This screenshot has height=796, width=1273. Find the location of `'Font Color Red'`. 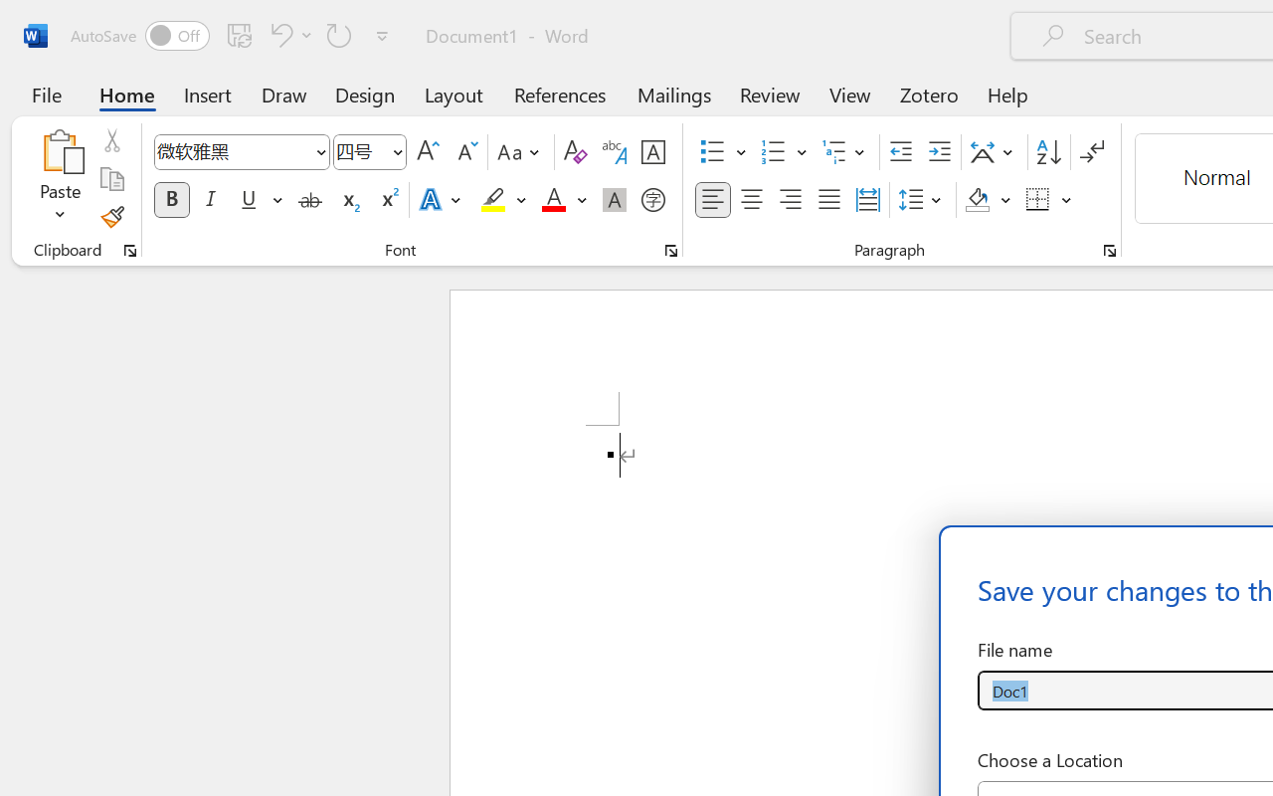

'Font Color Red' is located at coordinates (553, 200).